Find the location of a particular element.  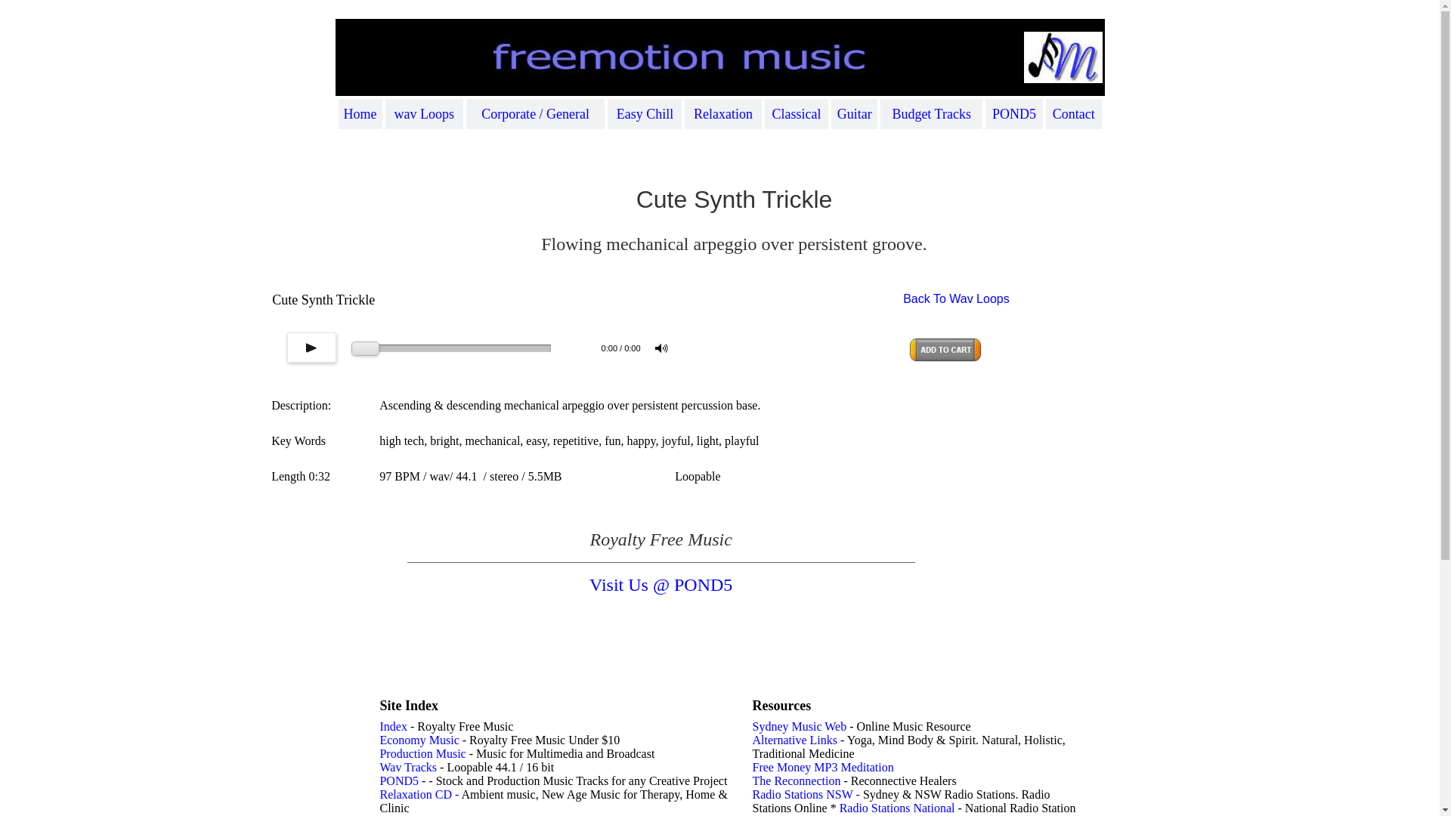

'Home' is located at coordinates (343, 113).